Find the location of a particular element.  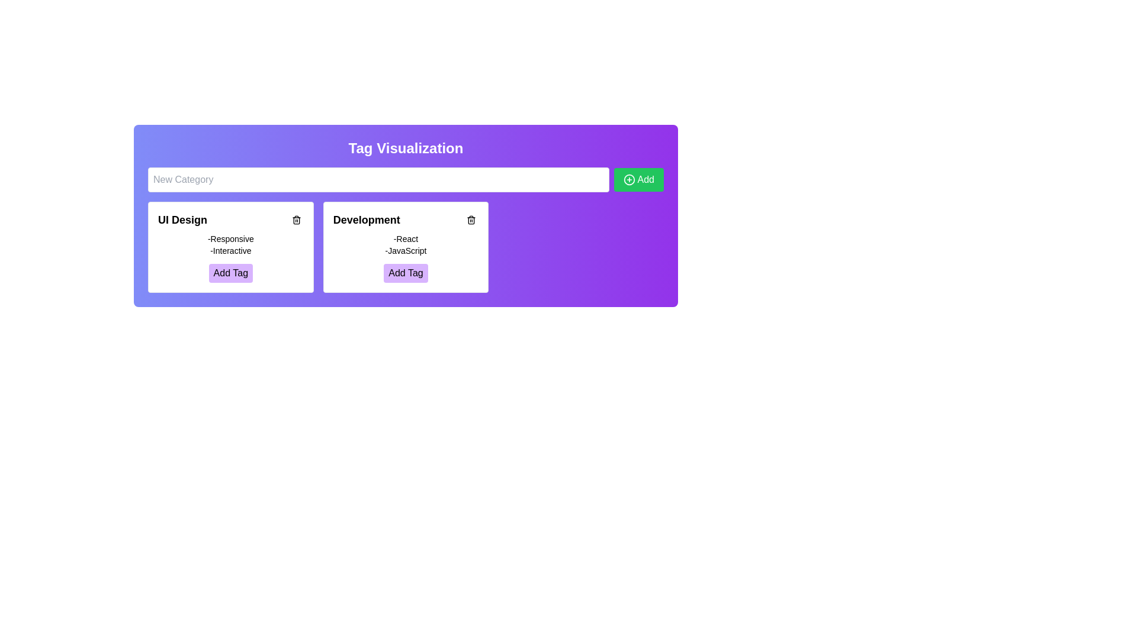

the static text section containing the lines '-Responsive' and '-Interactive', which is located below the 'UI Design' heading and above the 'Add Tag' button within the 'UI Design' card is located at coordinates (230, 244).